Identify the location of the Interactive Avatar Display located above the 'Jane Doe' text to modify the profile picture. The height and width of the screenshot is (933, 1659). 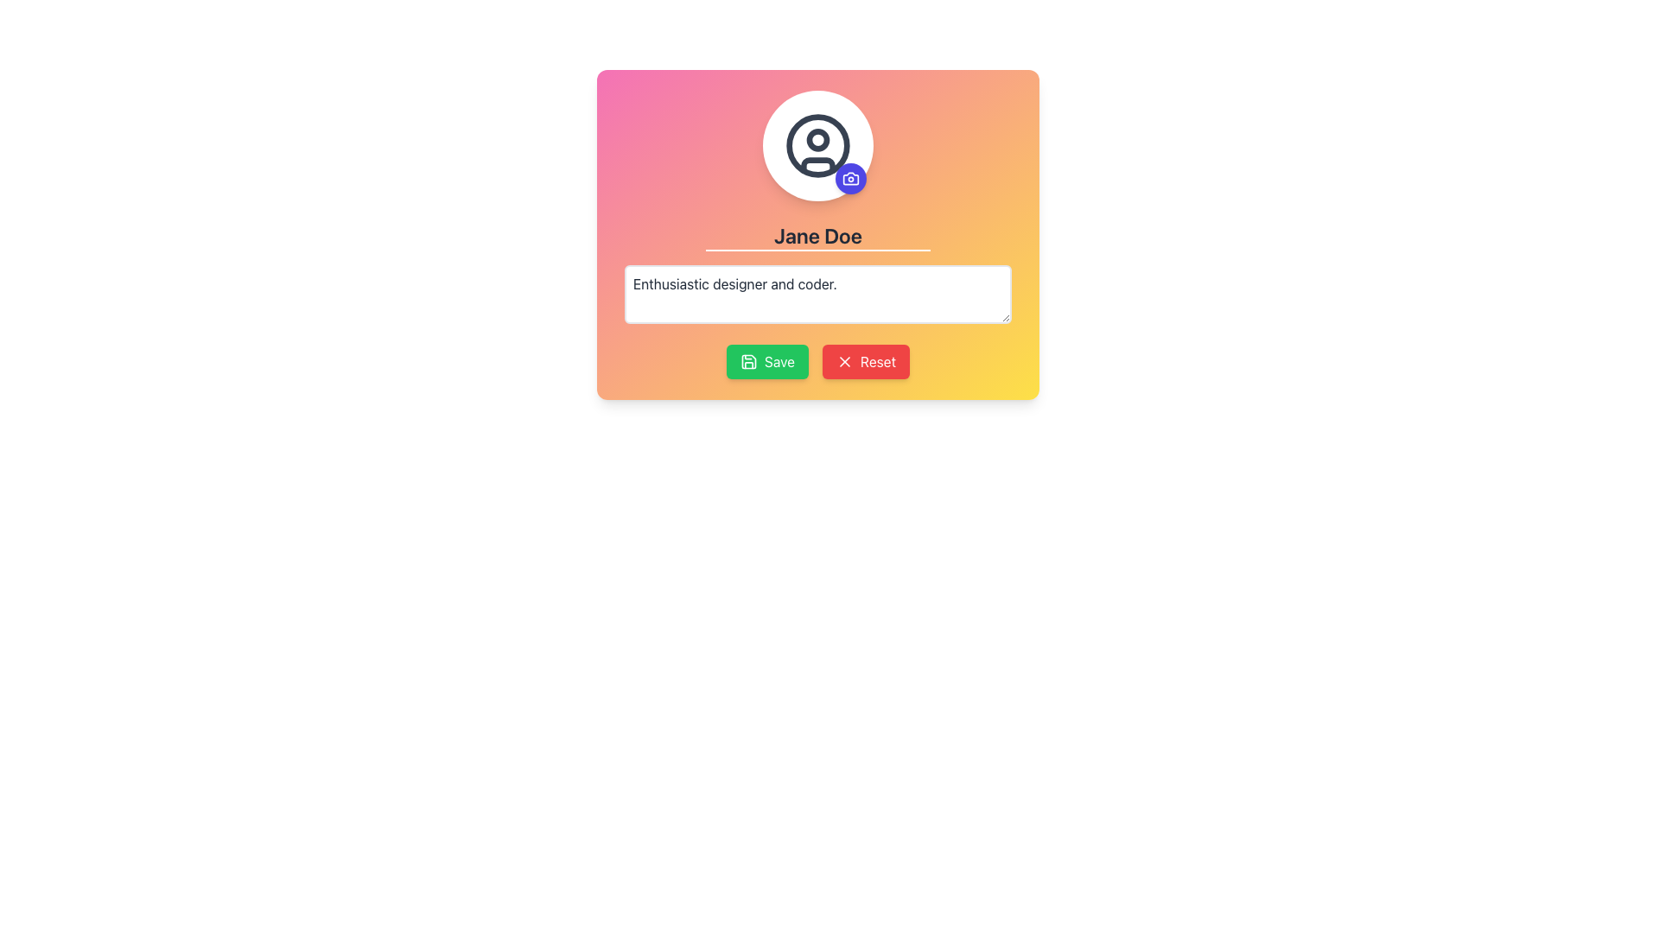
(817, 145).